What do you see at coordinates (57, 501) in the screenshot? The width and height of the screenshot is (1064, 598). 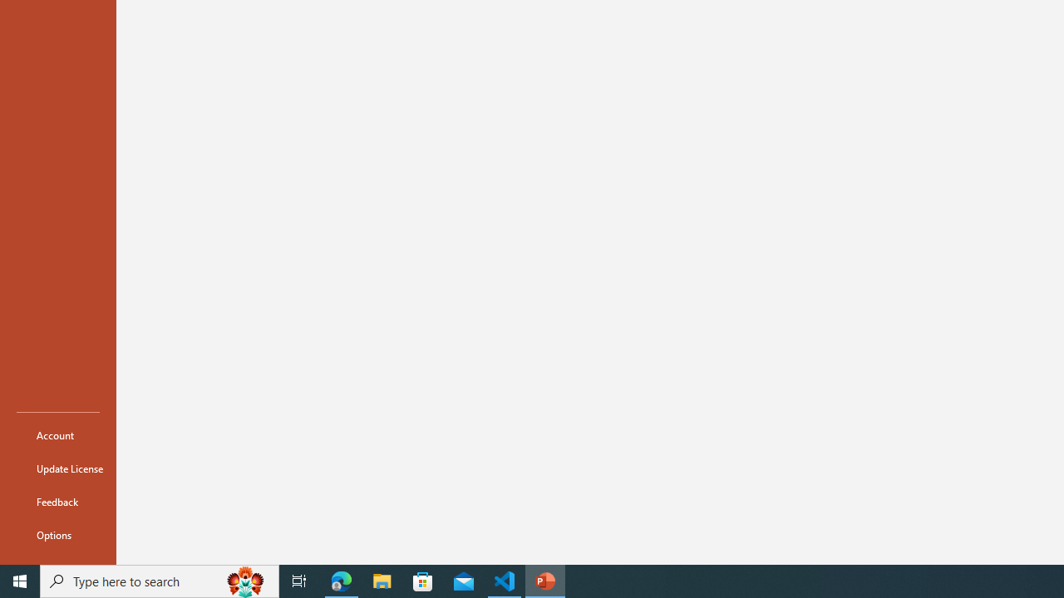 I see `'Feedback'` at bounding box center [57, 501].